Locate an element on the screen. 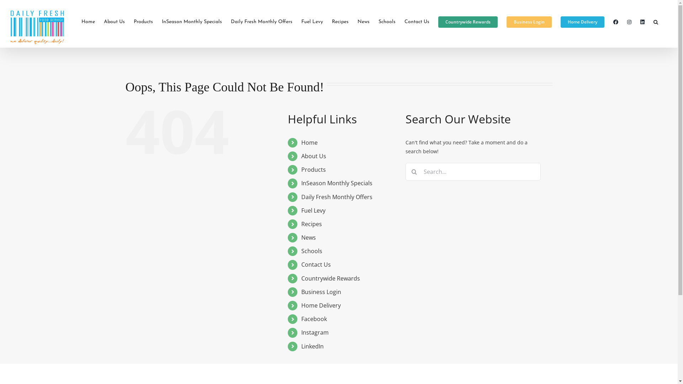 The width and height of the screenshot is (683, 384). 'About Us' is located at coordinates (313, 156).